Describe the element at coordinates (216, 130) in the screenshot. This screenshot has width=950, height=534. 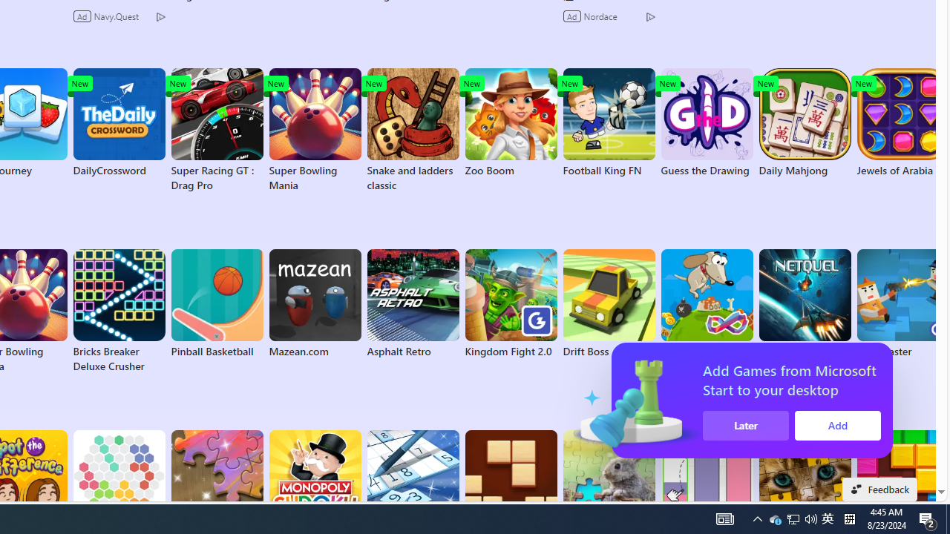
I see `'Super Racing GT : Drag Pro'` at that location.